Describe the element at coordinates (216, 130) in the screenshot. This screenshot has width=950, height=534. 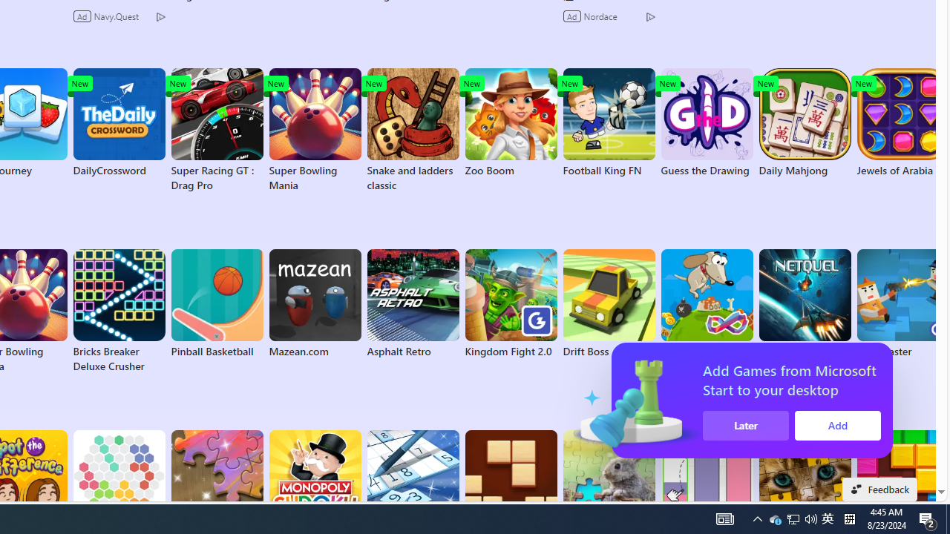
I see `'Super Racing GT : Drag Pro'` at that location.